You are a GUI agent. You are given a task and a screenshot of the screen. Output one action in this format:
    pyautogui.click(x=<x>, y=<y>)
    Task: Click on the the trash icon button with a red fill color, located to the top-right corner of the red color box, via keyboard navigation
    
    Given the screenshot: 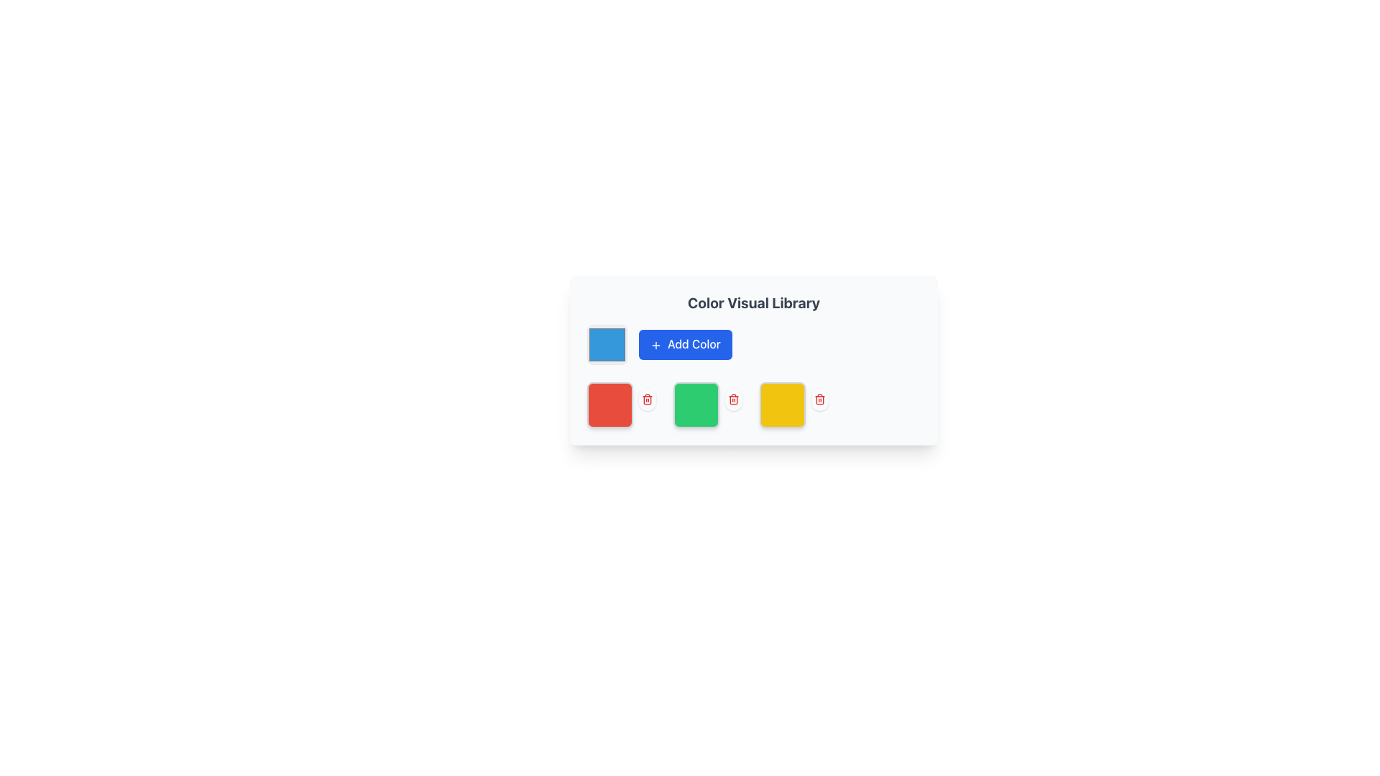 What is the action you would take?
    pyautogui.click(x=647, y=399)
    